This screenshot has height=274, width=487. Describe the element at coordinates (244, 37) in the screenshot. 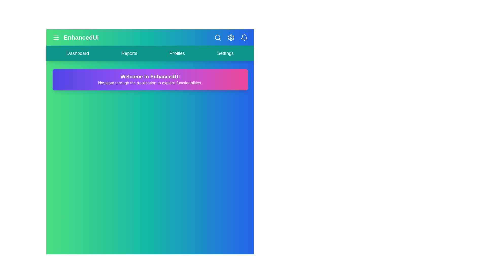

I see `the notifications icon in the header` at that location.